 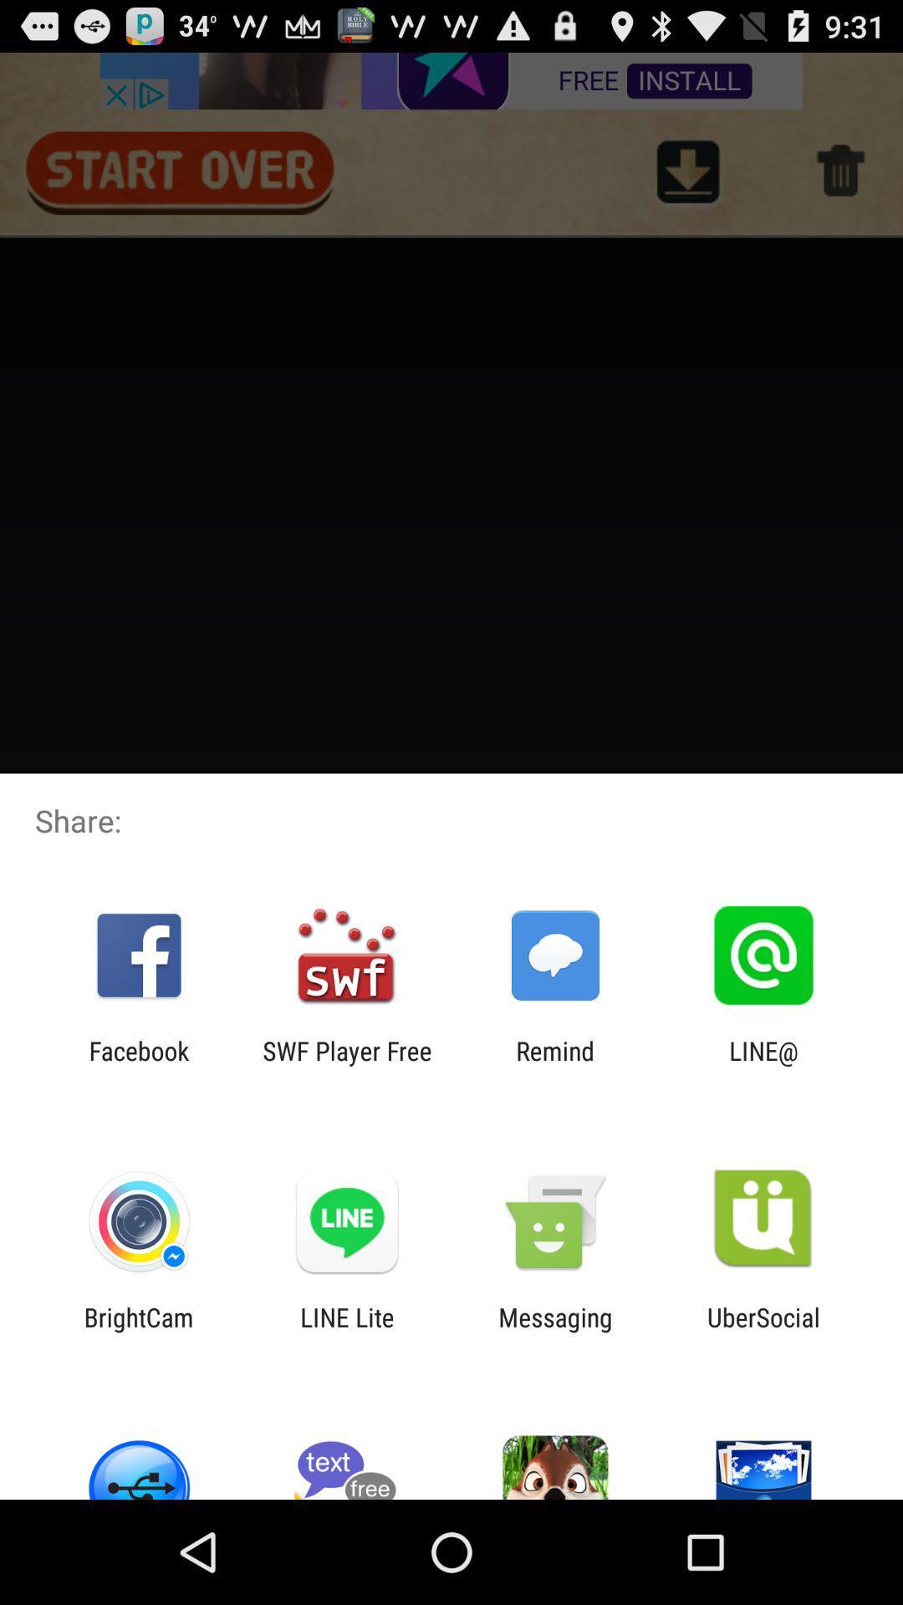 What do you see at coordinates (555, 1065) in the screenshot?
I see `remind app` at bounding box center [555, 1065].